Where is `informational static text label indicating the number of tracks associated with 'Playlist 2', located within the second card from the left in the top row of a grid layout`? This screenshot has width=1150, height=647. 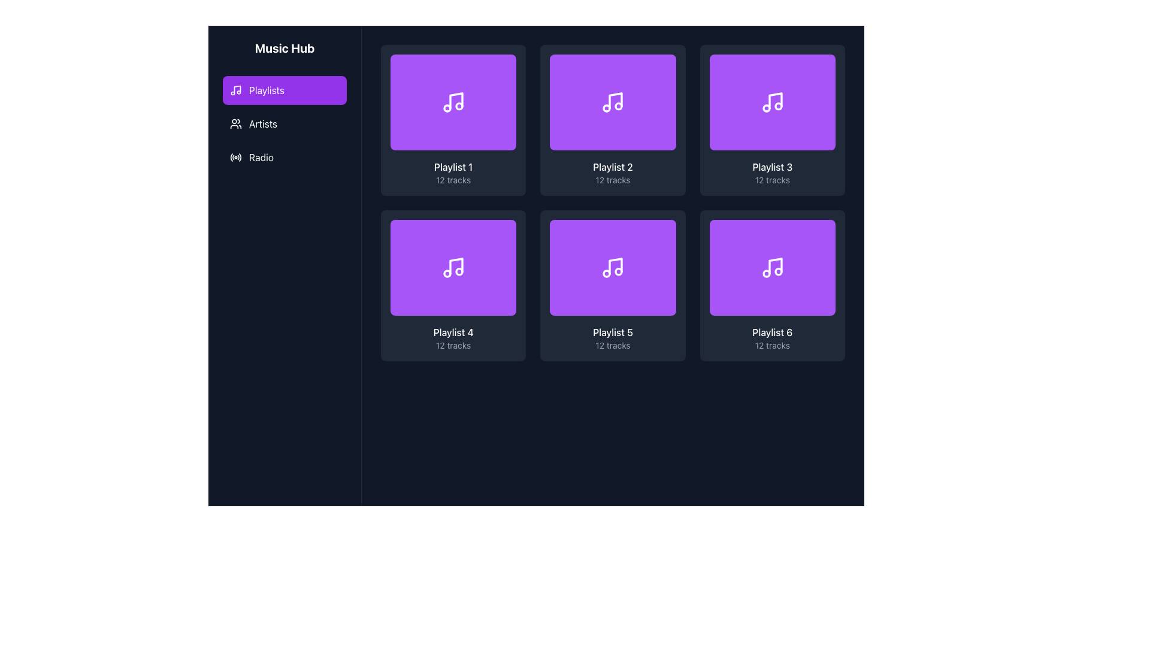 informational static text label indicating the number of tracks associated with 'Playlist 2', located within the second card from the left in the top row of a grid layout is located at coordinates (613, 180).